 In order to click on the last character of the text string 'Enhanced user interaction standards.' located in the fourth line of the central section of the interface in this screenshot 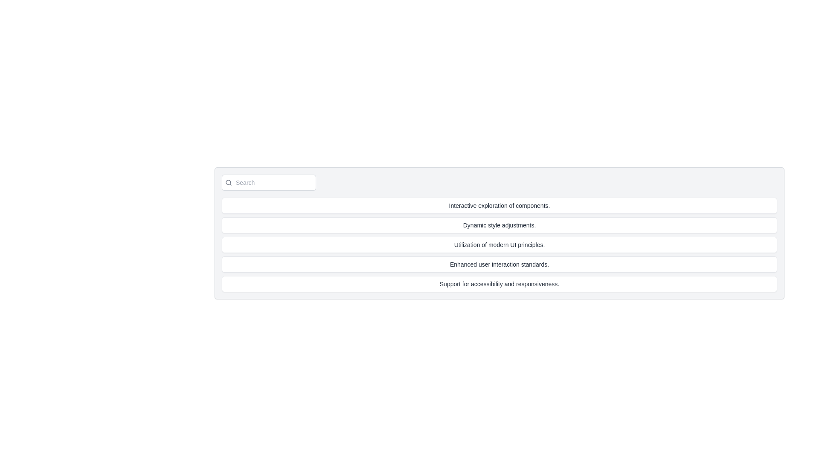, I will do `click(534, 264)`.